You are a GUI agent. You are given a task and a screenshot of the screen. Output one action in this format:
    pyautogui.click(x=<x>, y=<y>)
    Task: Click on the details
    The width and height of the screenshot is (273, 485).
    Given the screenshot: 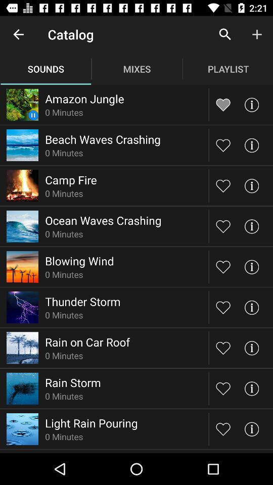 What is the action you would take?
    pyautogui.click(x=251, y=348)
    